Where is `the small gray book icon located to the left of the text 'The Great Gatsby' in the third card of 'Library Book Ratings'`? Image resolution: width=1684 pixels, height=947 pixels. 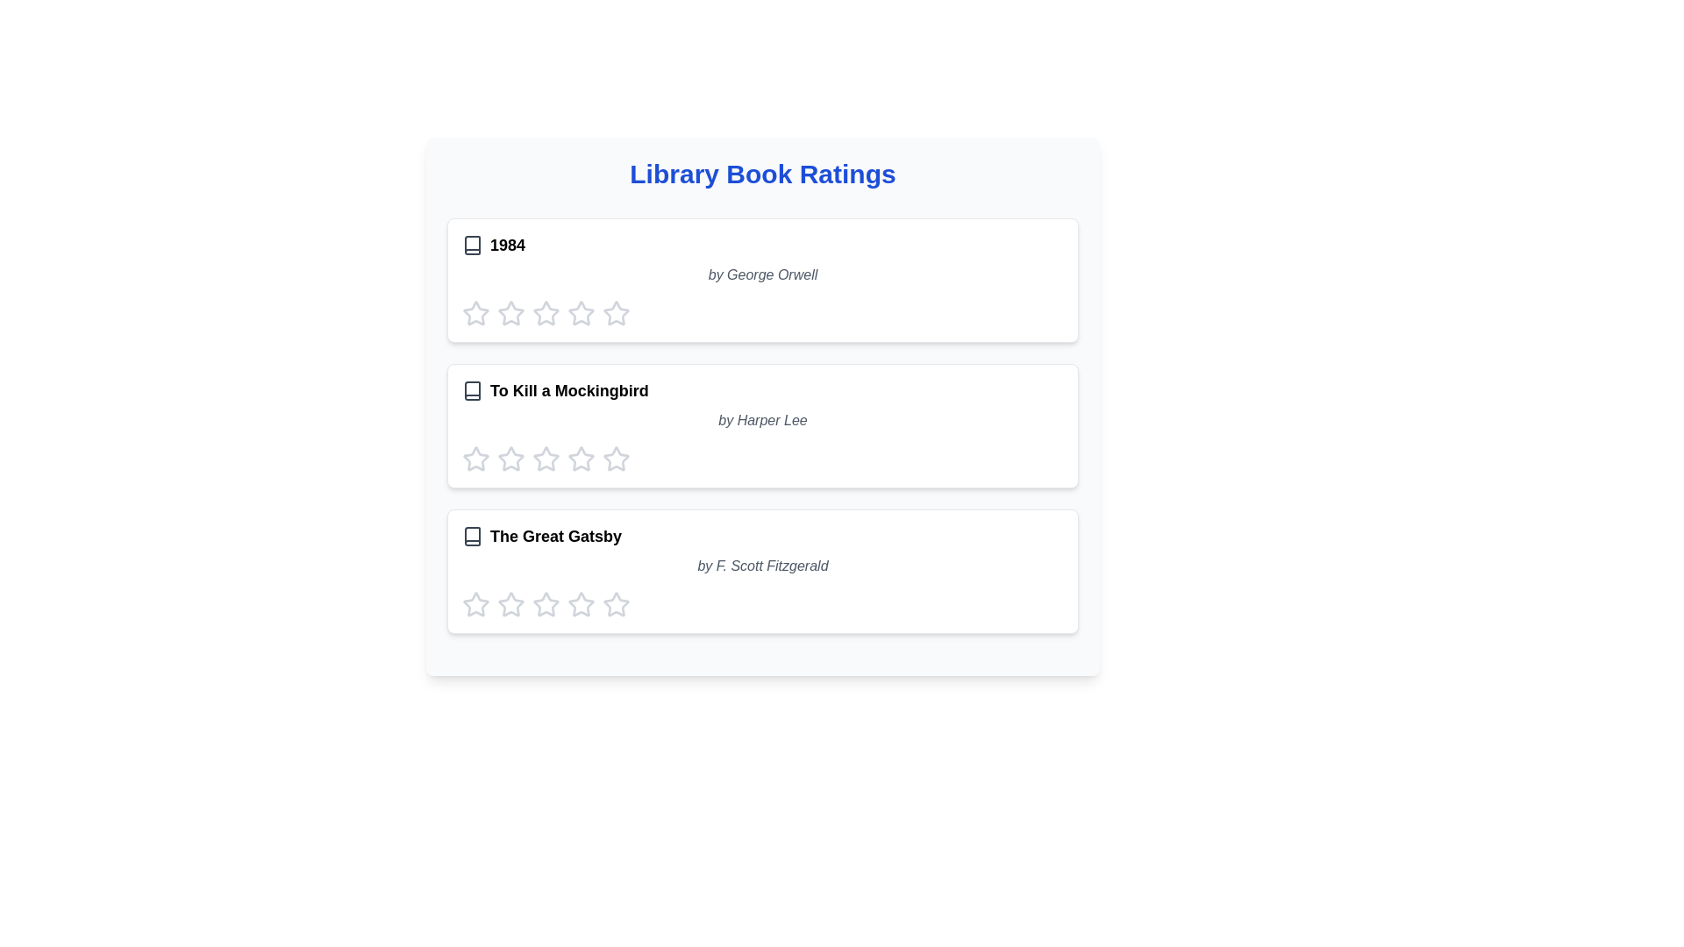 the small gray book icon located to the left of the text 'The Great Gatsby' in the third card of 'Library Book Ratings' is located at coordinates (472, 536).